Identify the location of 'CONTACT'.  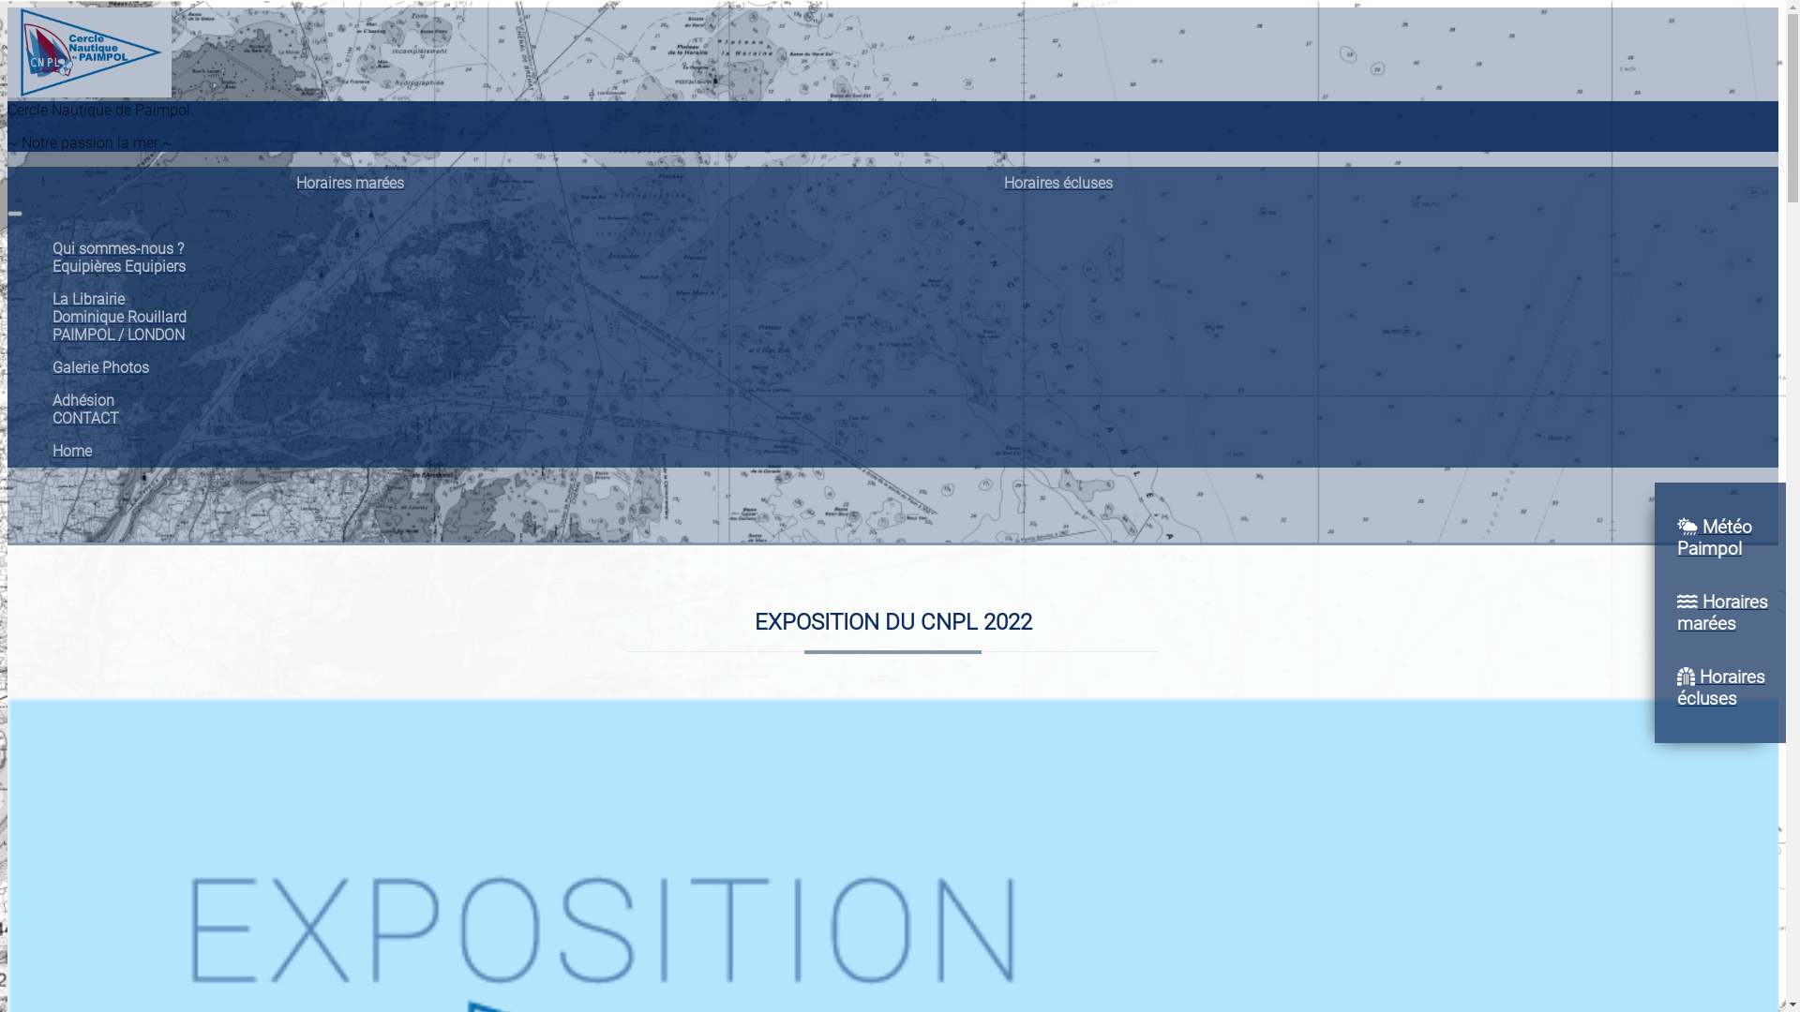
(84, 417).